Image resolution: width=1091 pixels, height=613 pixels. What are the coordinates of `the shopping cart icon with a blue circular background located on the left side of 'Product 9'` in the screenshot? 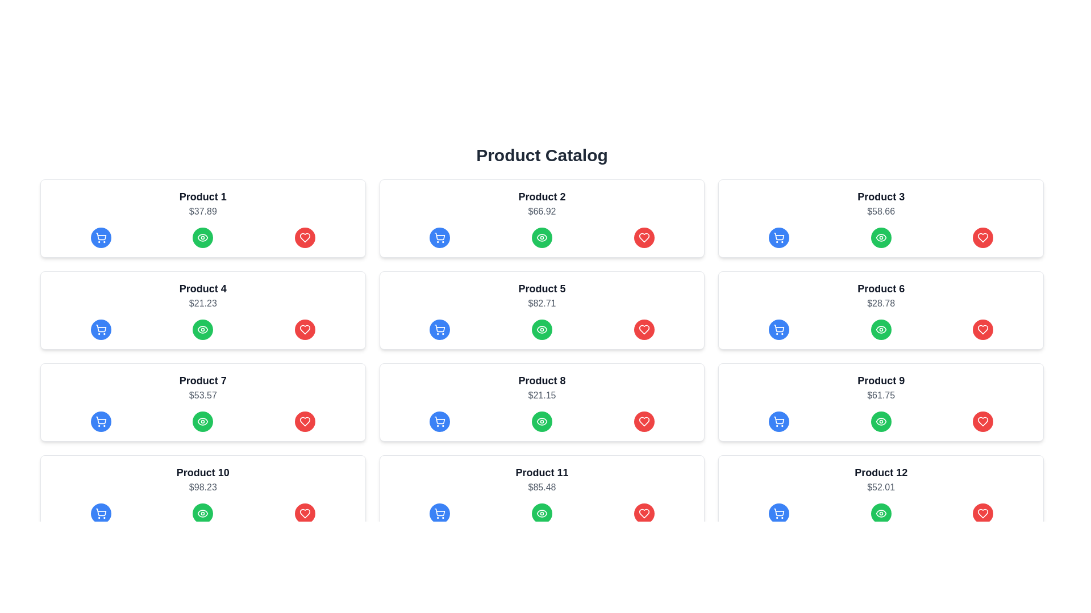 It's located at (778, 422).